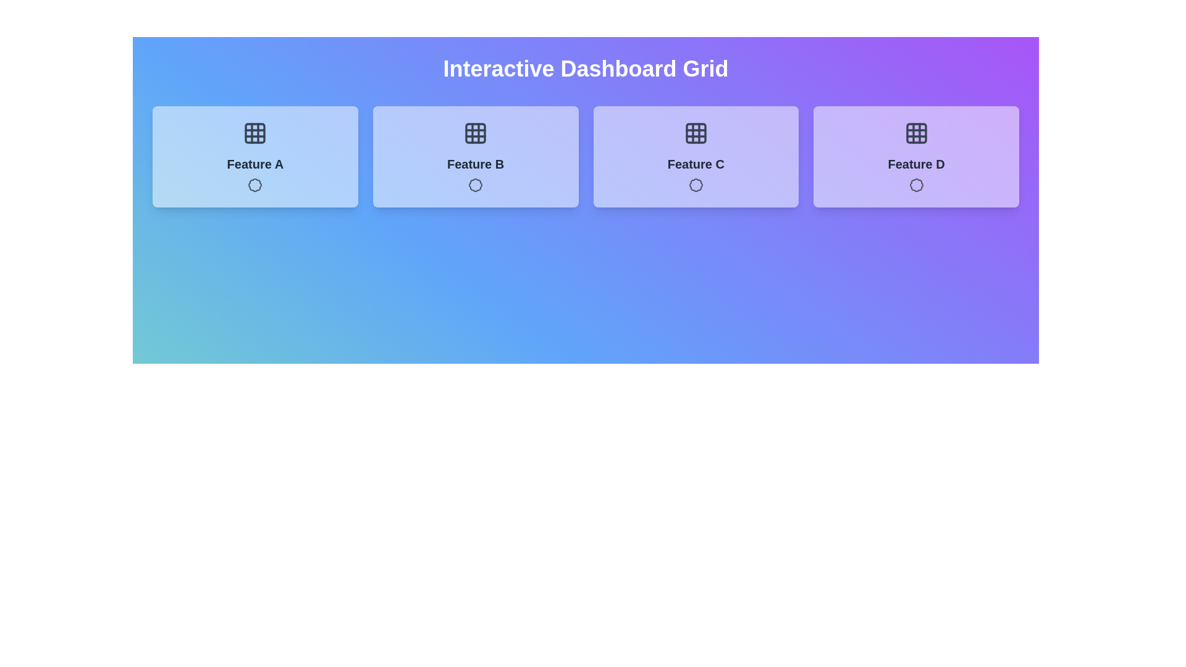 The width and height of the screenshot is (1186, 667). Describe the element at coordinates (475, 185) in the screenshot. I see `the icon located at the bottom-center of the card labeled 'Feature B', which indicates additional actions or statuses related to 'Feature B'` at that location.